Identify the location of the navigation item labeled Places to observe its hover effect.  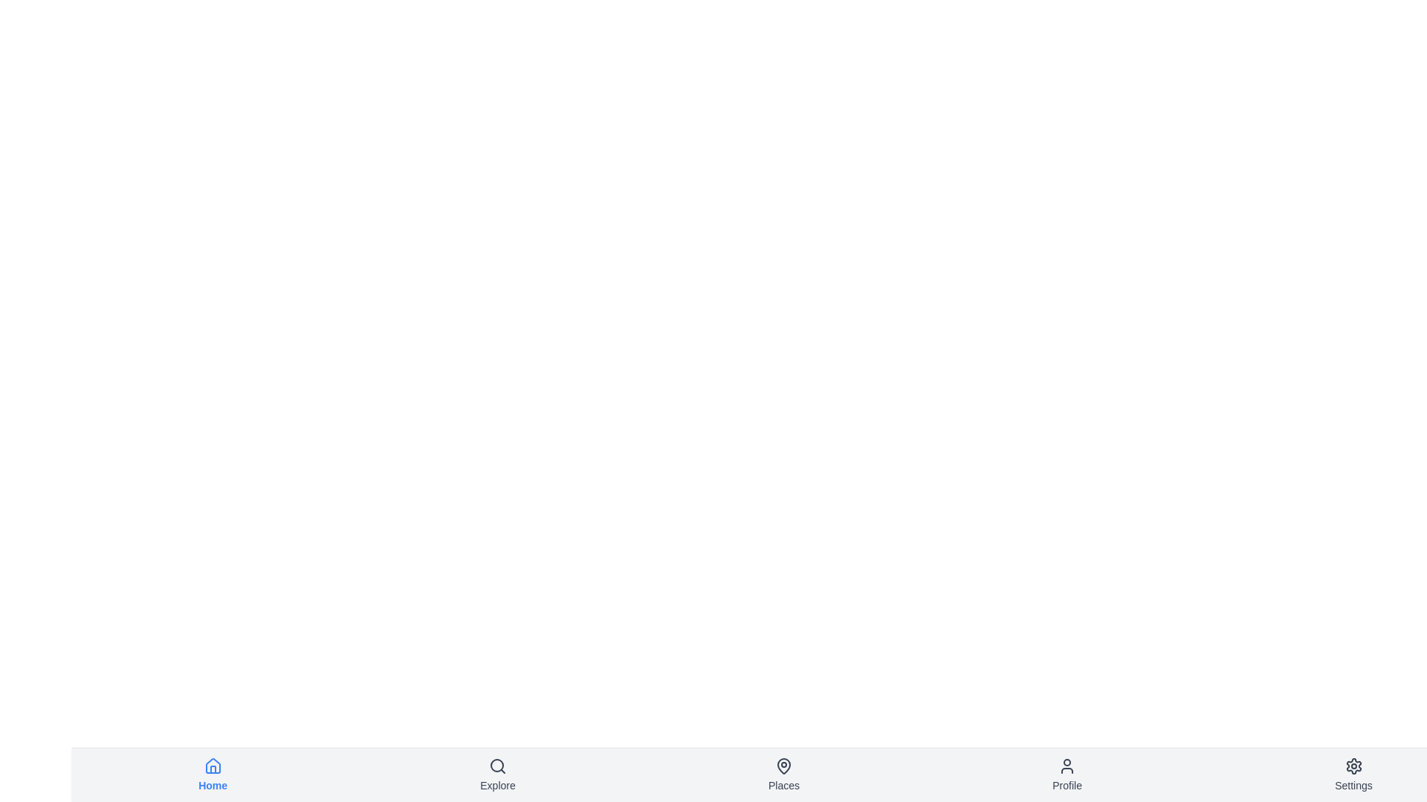
(783, 775).